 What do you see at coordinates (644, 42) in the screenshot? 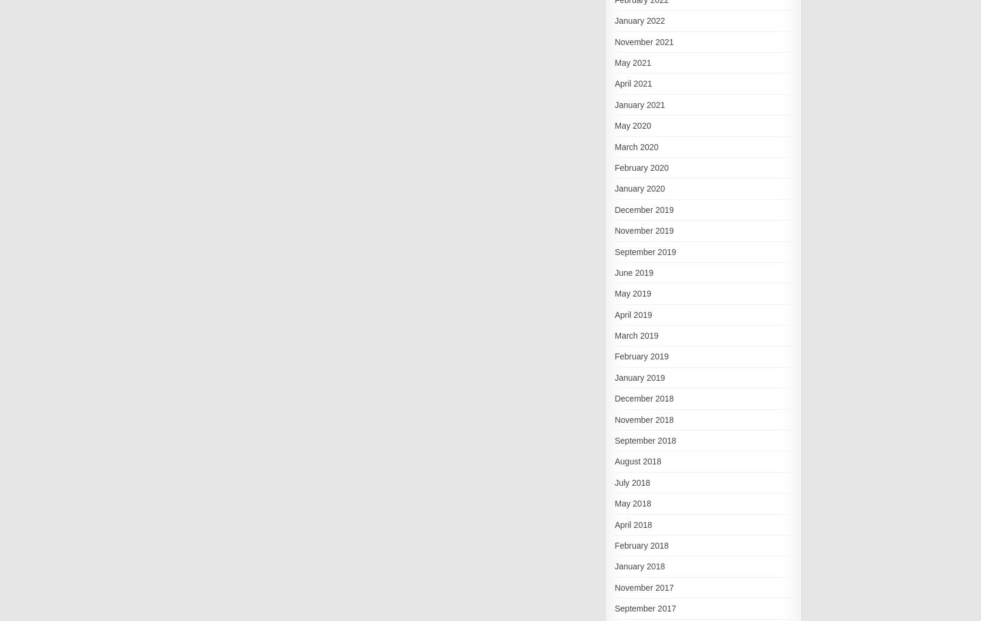
I see `'November 2021'` at bounding box center [644, 42].